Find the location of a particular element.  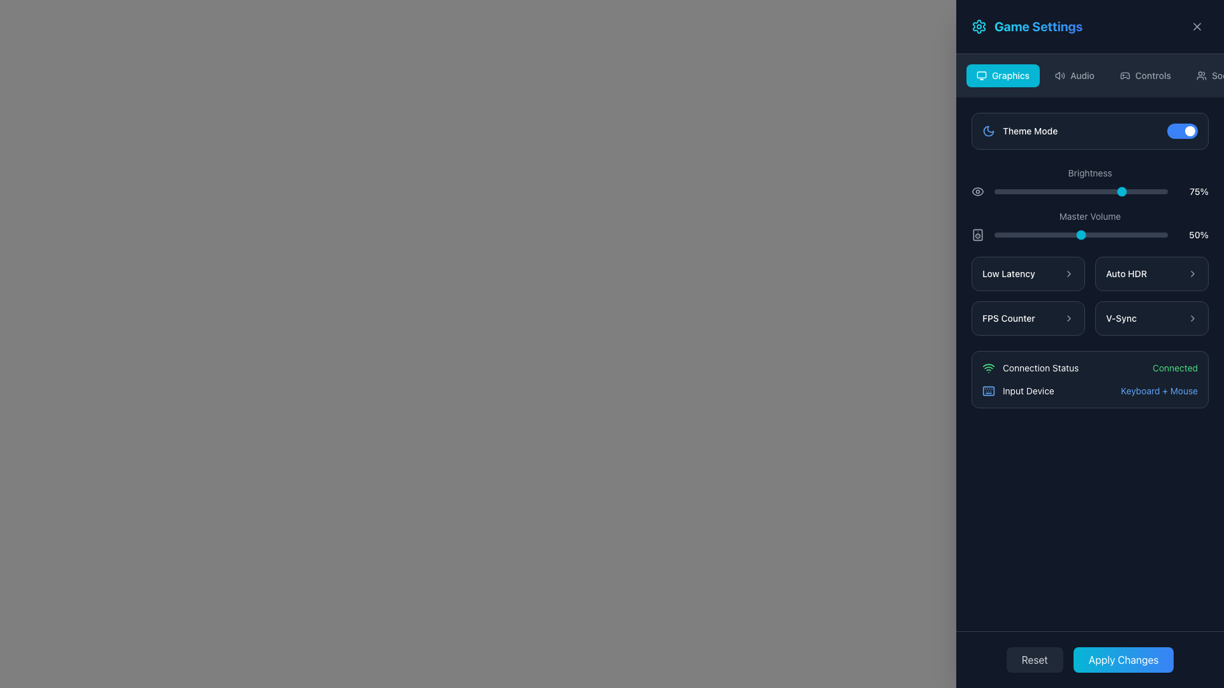

the 'Auto HDR' button located in the 'Graphics' section of the settings panel is located at coordinates (1151, 273).